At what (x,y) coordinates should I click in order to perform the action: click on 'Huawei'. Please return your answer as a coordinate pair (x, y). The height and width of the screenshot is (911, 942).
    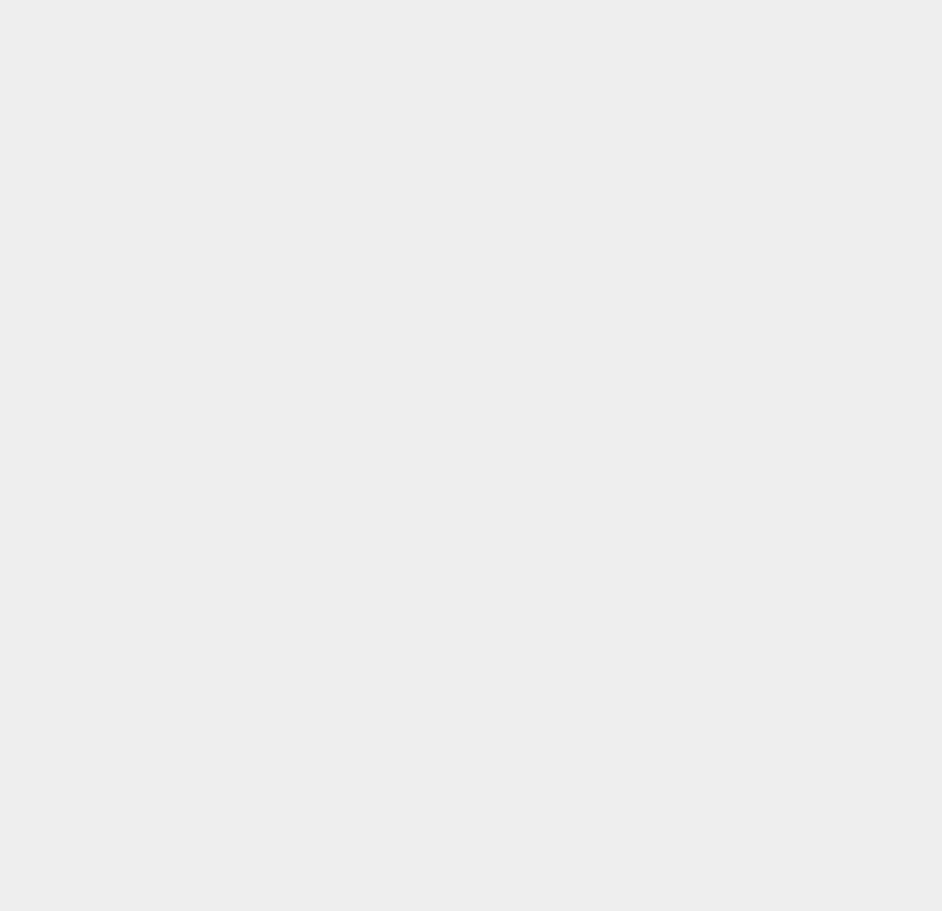
    Looking at the image, I should click on (686, 662).